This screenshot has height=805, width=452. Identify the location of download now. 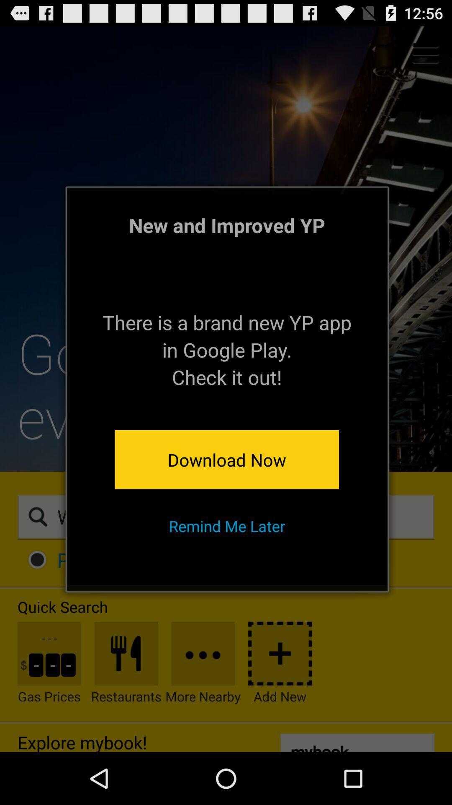
(227, 459).